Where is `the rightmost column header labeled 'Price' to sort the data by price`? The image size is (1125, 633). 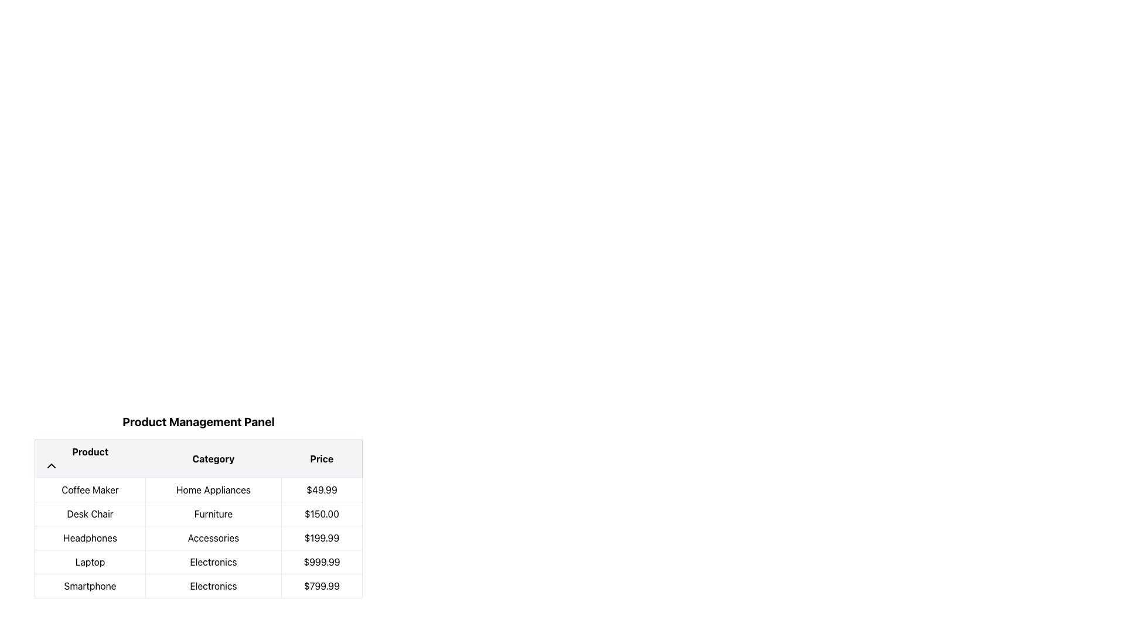 the rightmost column header labeled 'Price' to sort the data by price is located at coordinates (322, 458).